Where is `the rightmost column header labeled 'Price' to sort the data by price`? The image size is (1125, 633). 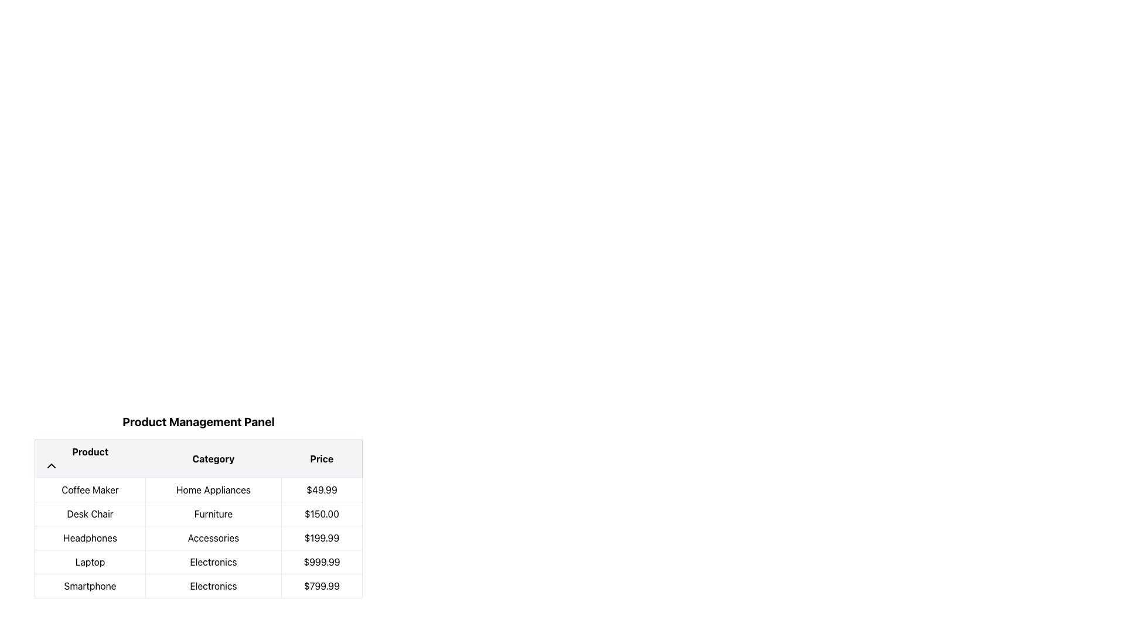 the rightmost column header labeled 'Price' to sort the data by price is located at coordinates (322, 458).